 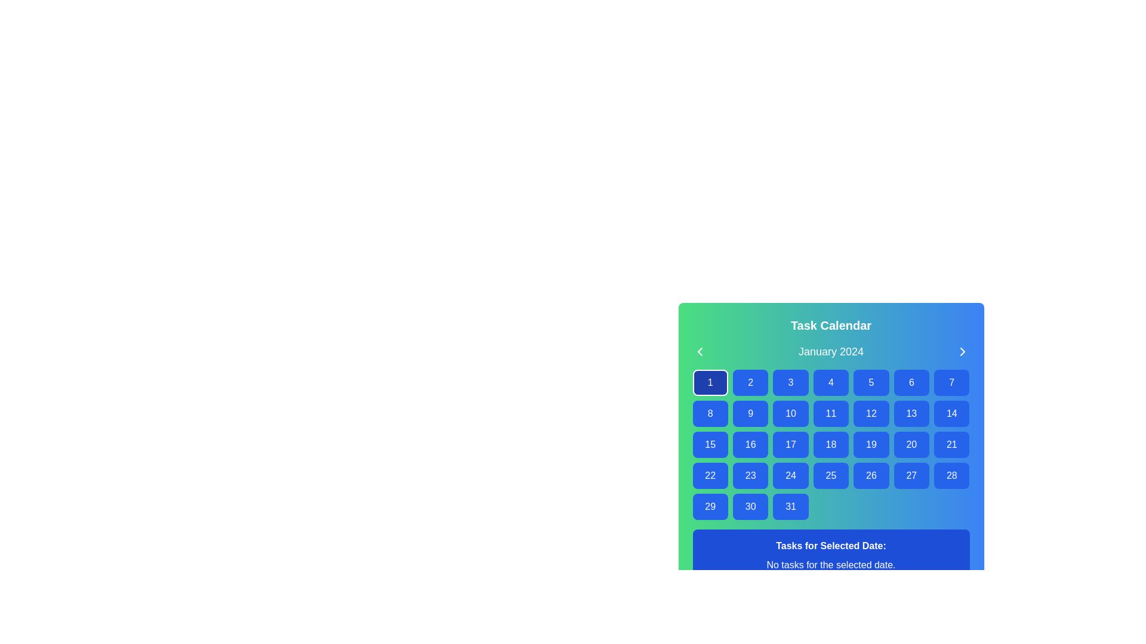 I want to click on the button representing the 15th day of the month in the calendar view, so click(x=710, y=444).